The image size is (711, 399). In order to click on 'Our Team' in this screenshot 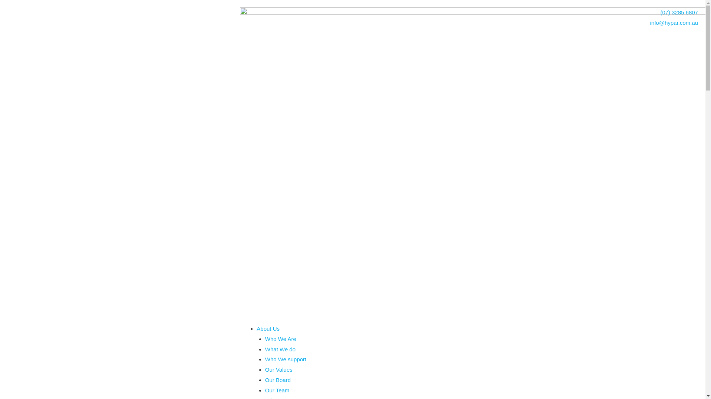, I will do `click(277, 390)`.